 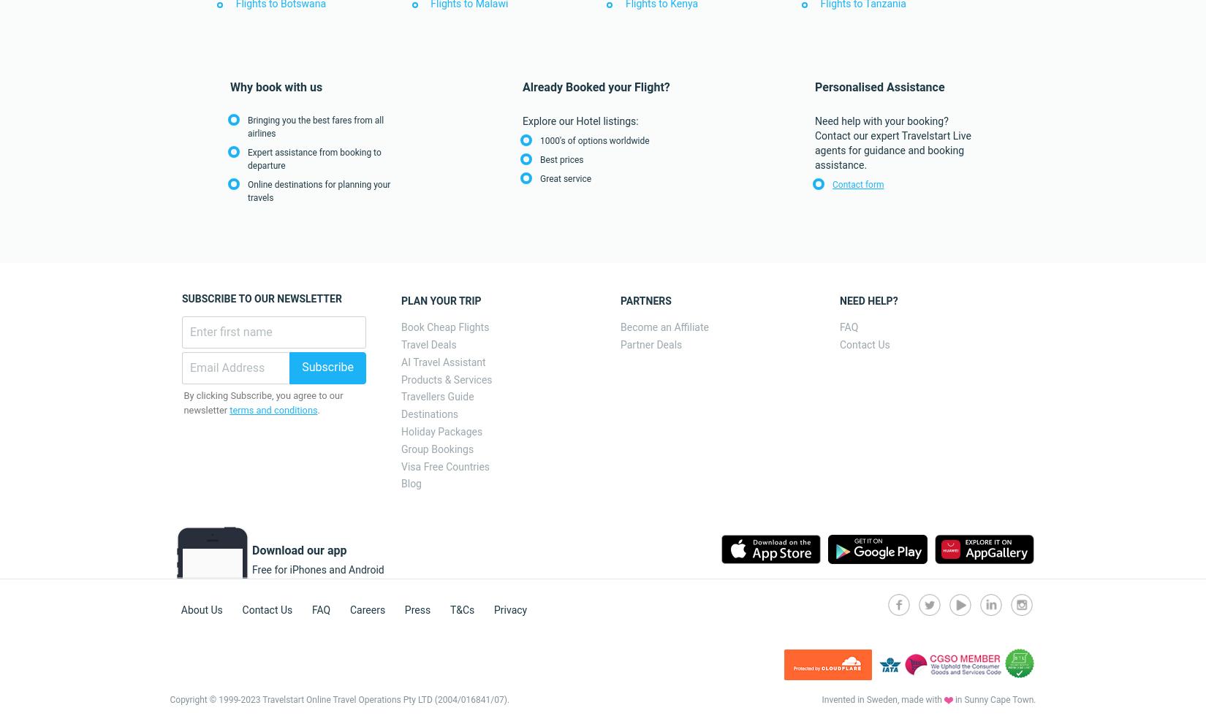 What do you see at coordinates (565, 179) in the screenshot?
I see `'Great service'` at bounding box center [565, 179].